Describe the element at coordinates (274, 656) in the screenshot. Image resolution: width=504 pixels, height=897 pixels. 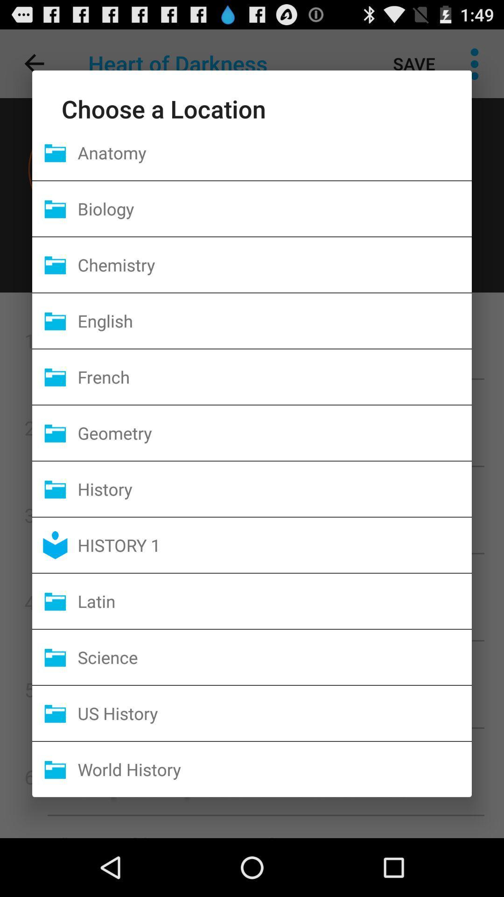
I see `the science item` at that location.